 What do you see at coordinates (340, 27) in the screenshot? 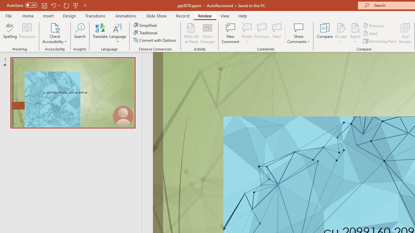
I see `'Accept Change'` at bounding box center [340, 27].